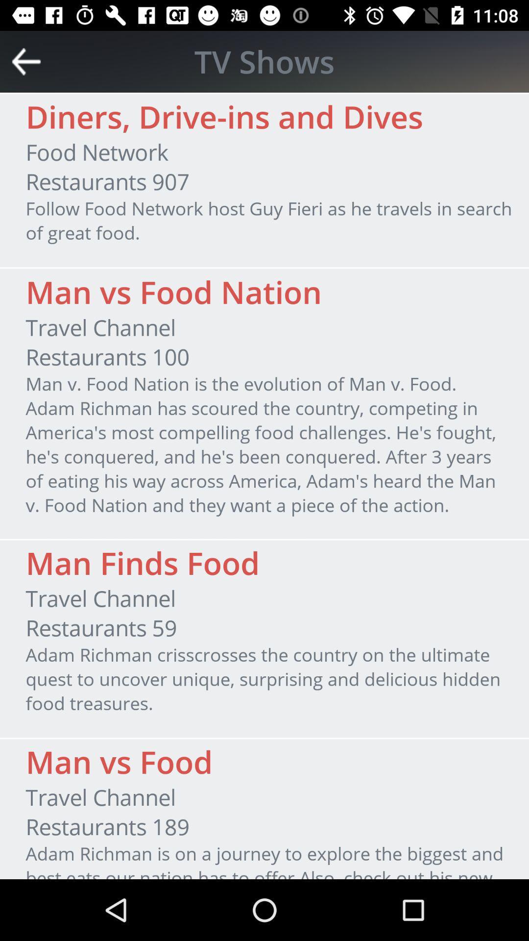  Describe the element at coordinates (101, 628) in the screenshot. I see `the restaurants 59 icon` at that location.